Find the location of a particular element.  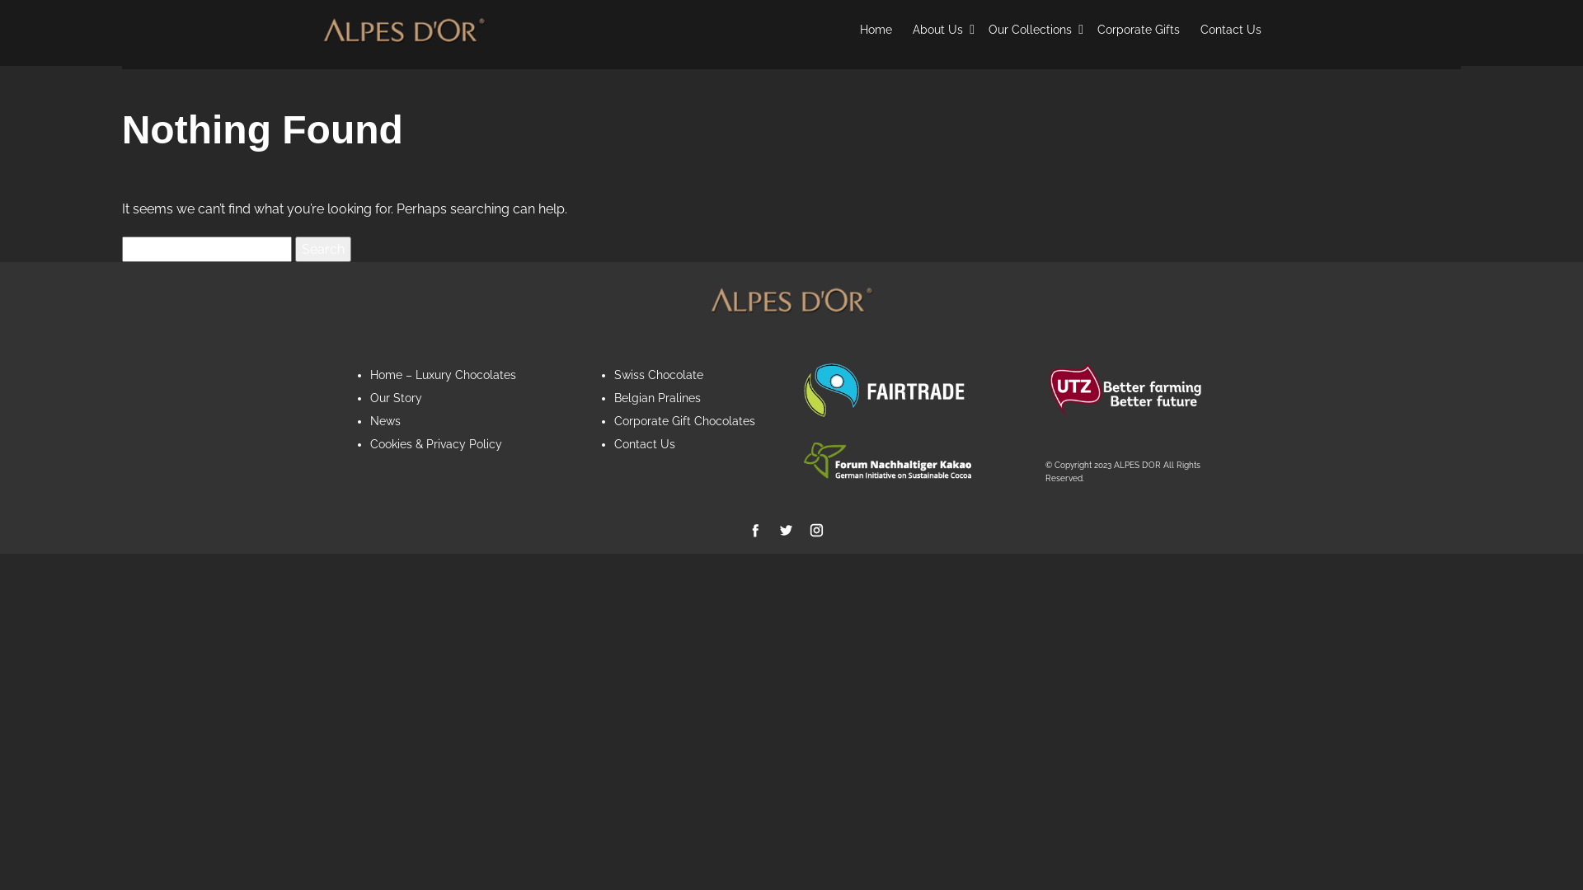

'Corporate Gift Chocolates' is located at coordinates (683, 419).